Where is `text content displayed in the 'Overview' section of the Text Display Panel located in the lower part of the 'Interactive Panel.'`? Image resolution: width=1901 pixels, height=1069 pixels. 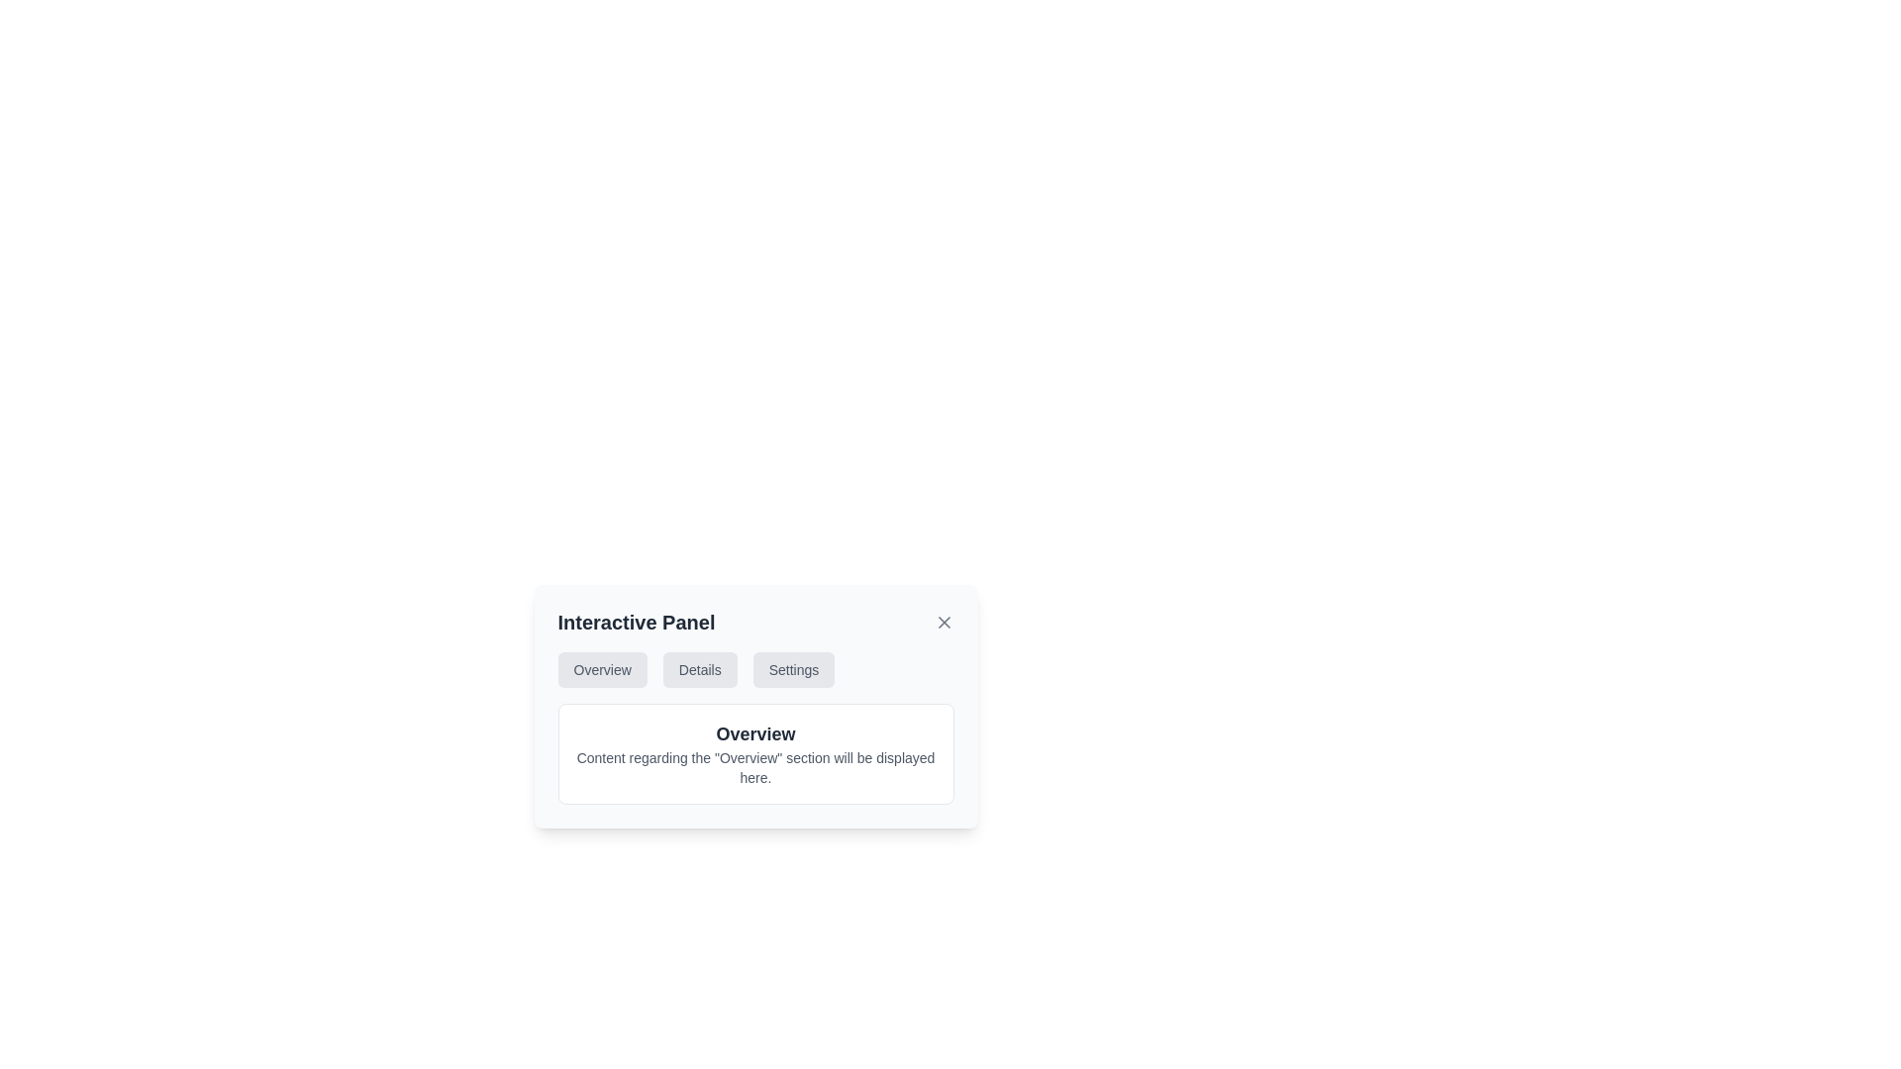
text content displayed in the 'Overview' section of the Text Display Panel located in the lower part of the 'Interactive Panel.' is located at coordinates (754, 729).